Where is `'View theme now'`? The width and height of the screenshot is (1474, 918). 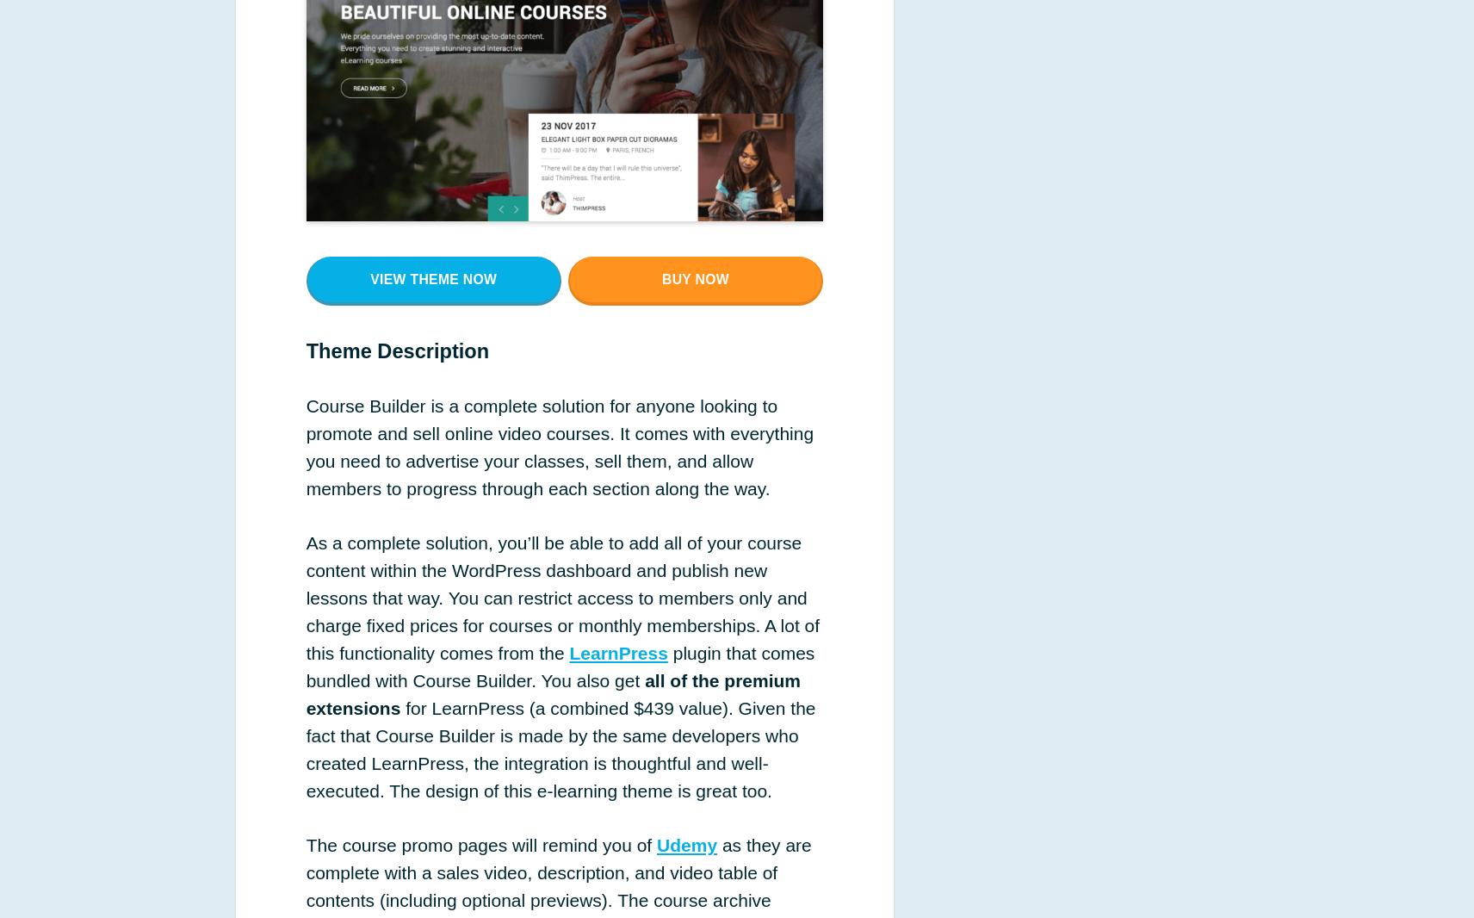
'View theme now' is located at coordinates (432, 278).